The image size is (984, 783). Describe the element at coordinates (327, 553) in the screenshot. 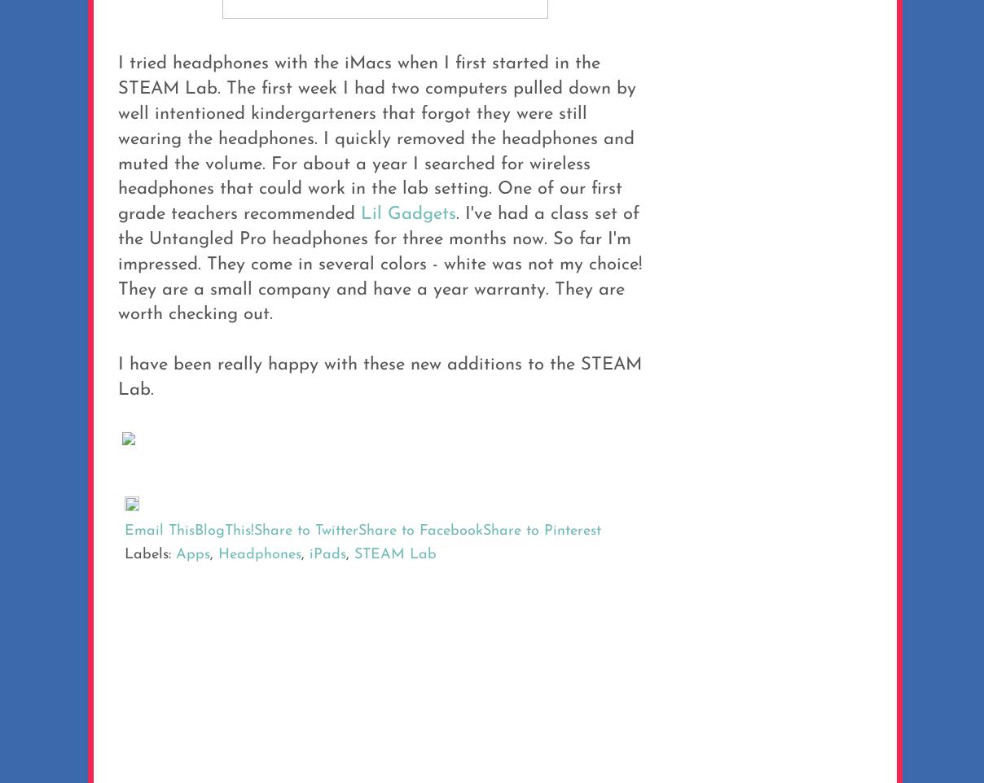

I see `'iPads'` at that location.